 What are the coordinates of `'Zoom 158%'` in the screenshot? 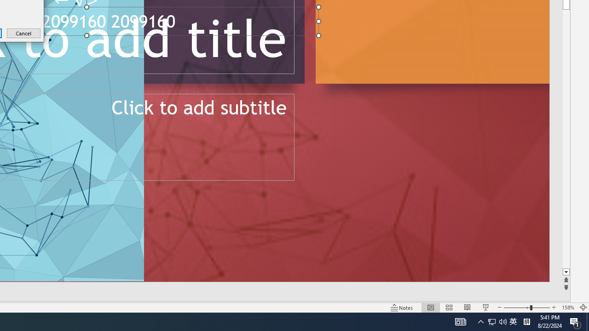 It's located at (567, 308).